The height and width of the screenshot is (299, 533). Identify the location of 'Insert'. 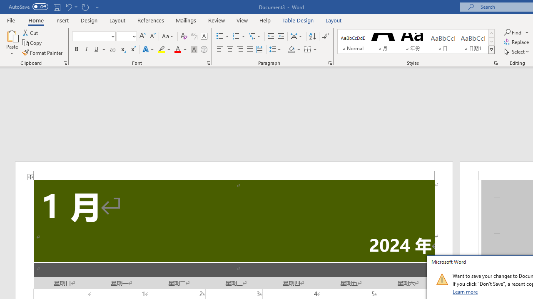
(62, 20).